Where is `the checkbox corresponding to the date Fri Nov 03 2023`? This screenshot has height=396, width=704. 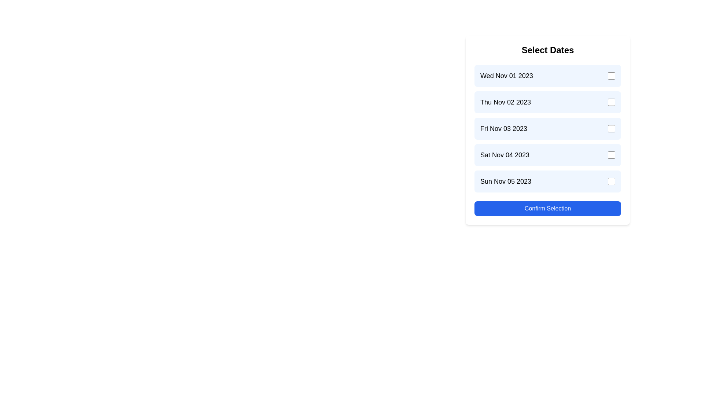
the checkbox corresponding to the date Fri Nov 03 2023 is located at coordinates (612, 128).